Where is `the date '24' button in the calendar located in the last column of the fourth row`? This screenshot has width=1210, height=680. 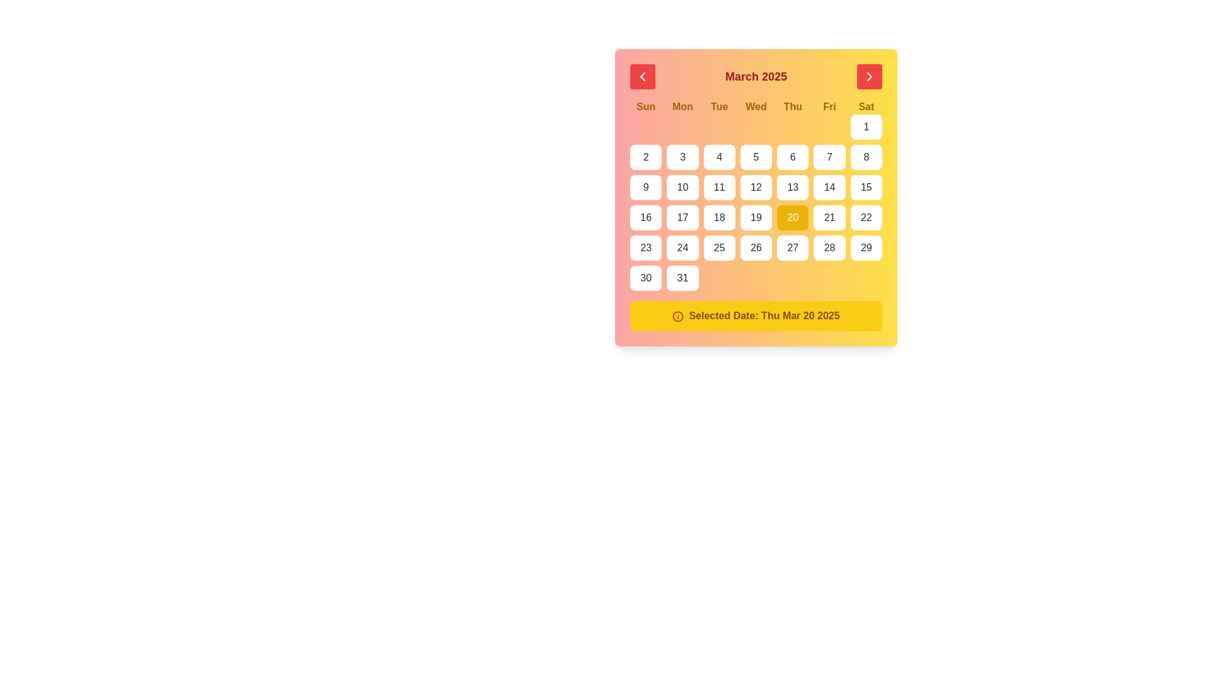
the date '24' button in the calendar located in the last column of the fourth row is located at coordinates (682, 247).